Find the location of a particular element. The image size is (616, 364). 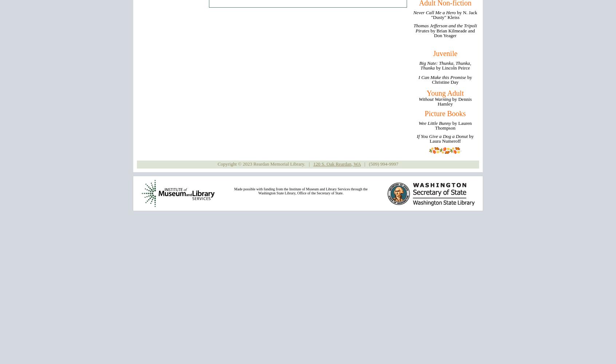

'by N. Jack "Dusty" Kleiss' is located at coordinates (454, 15).